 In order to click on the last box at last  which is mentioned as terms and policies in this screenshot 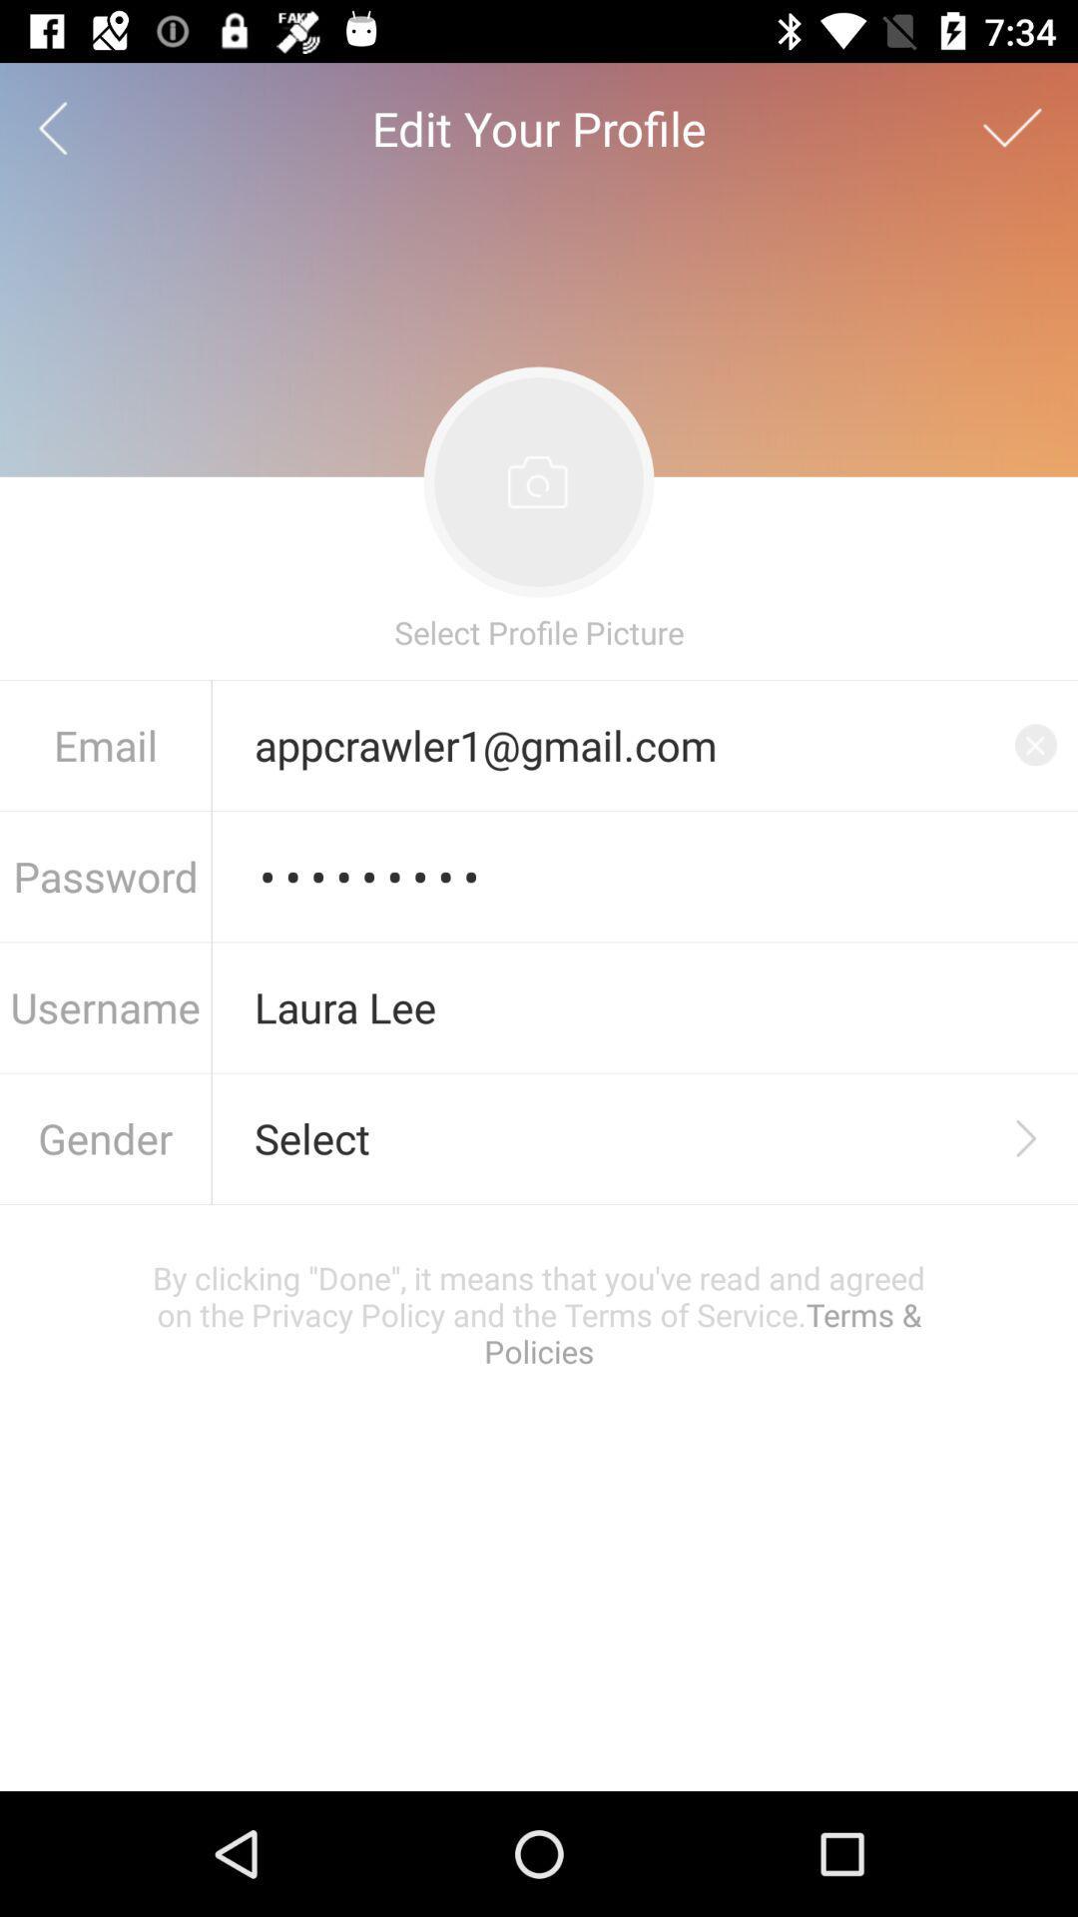, I will do `click(539, 1314)`.